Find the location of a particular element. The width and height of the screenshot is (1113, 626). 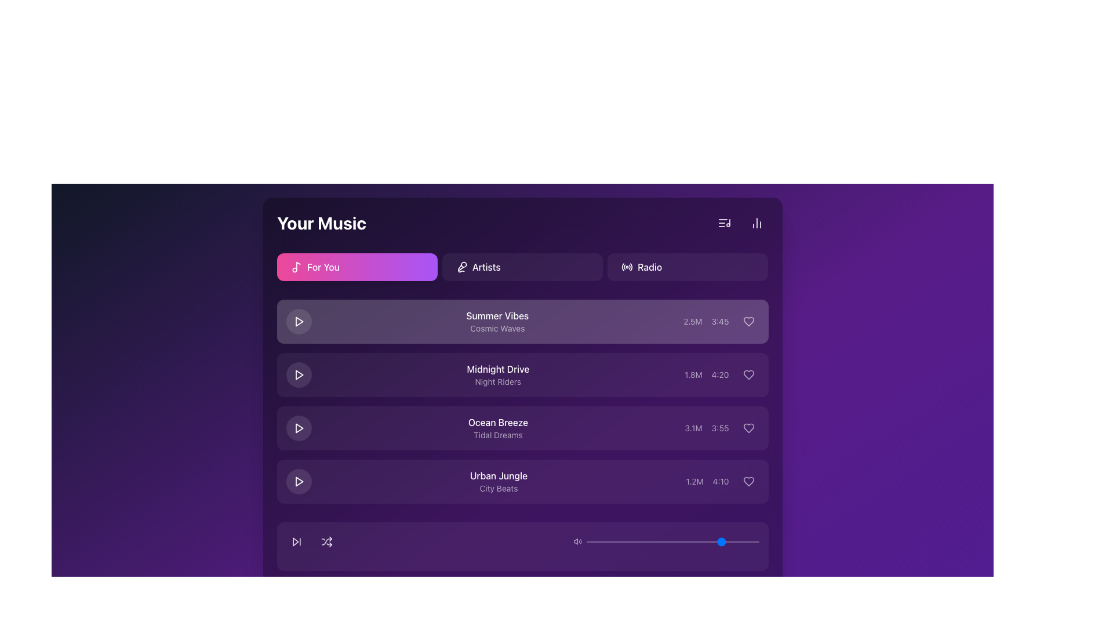

the heart-shaped icon in the music list for the song 'Ocean Breeze' is located at coordinates (748, 428).